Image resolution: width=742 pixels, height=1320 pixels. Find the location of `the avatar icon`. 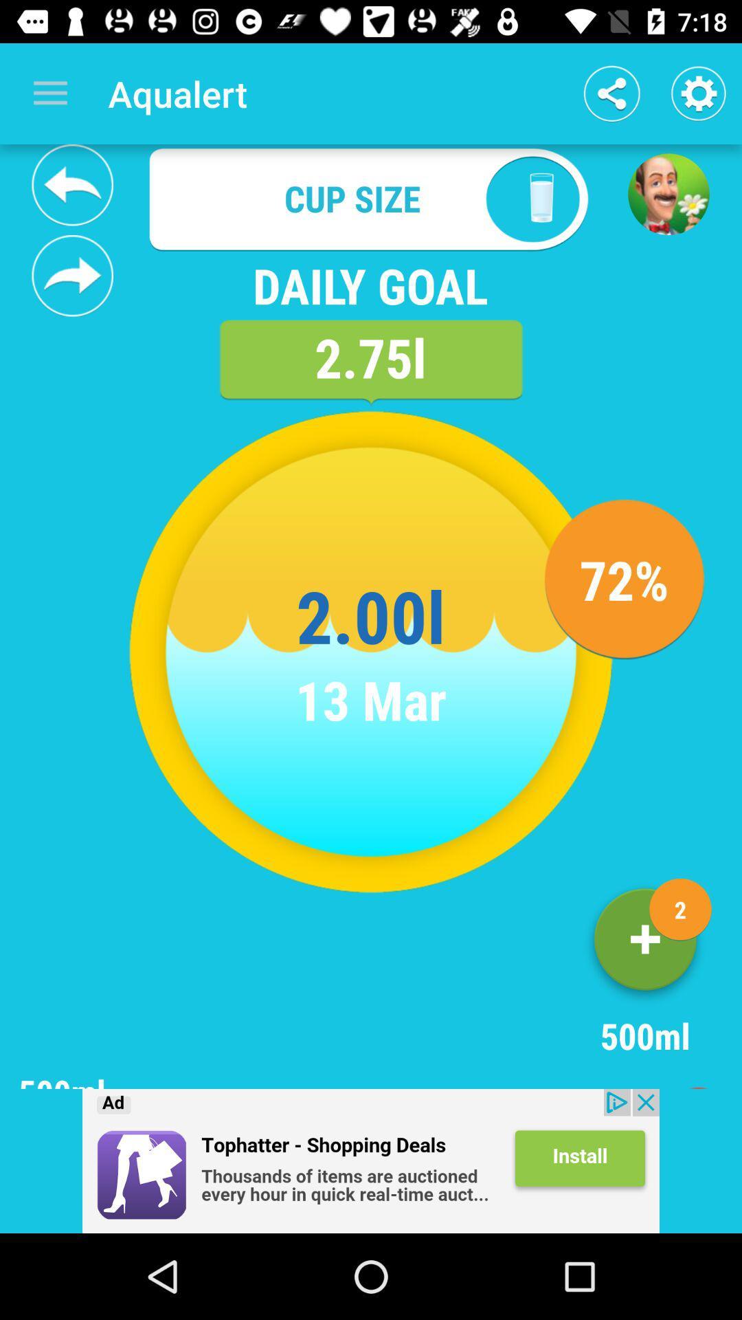

the avatar icon is located at coordinates (668, 193).